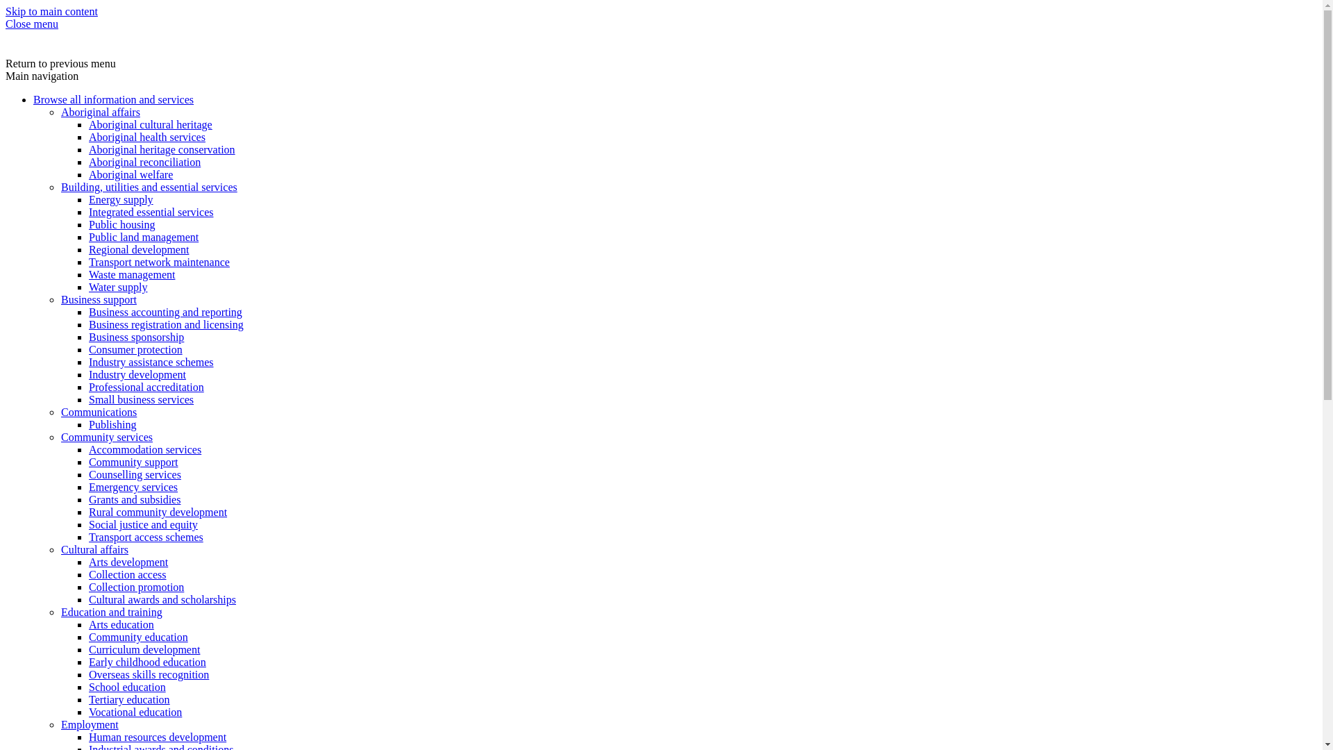 The height and width of the screenshot is (750, 1333). I want to click on 'Employment', so click(89, 724).